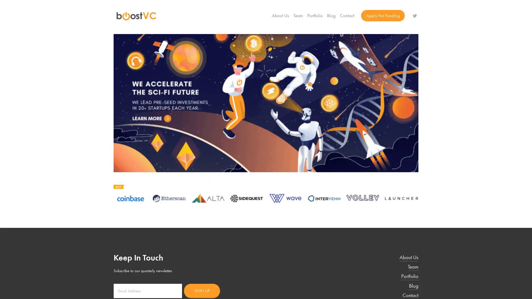 Image resolution: width=532 pixels, height=299 pixels. Describe the element at coordinates (202, 290) in the screenshot. I see `SIGN UP` at that location.